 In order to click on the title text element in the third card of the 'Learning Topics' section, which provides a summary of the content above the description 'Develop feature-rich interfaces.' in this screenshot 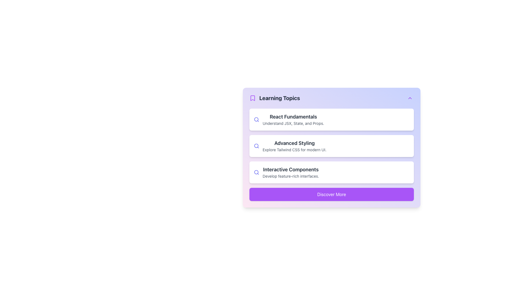, I will do `click(290, 169)`.